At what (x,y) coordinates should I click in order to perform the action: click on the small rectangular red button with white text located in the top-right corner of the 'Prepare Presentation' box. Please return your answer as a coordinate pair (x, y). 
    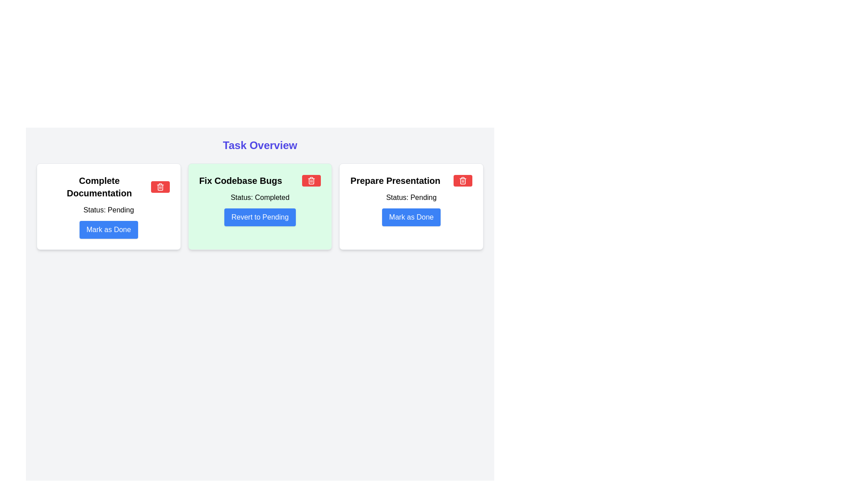
    Looking at the image, I should click on (463, 181).